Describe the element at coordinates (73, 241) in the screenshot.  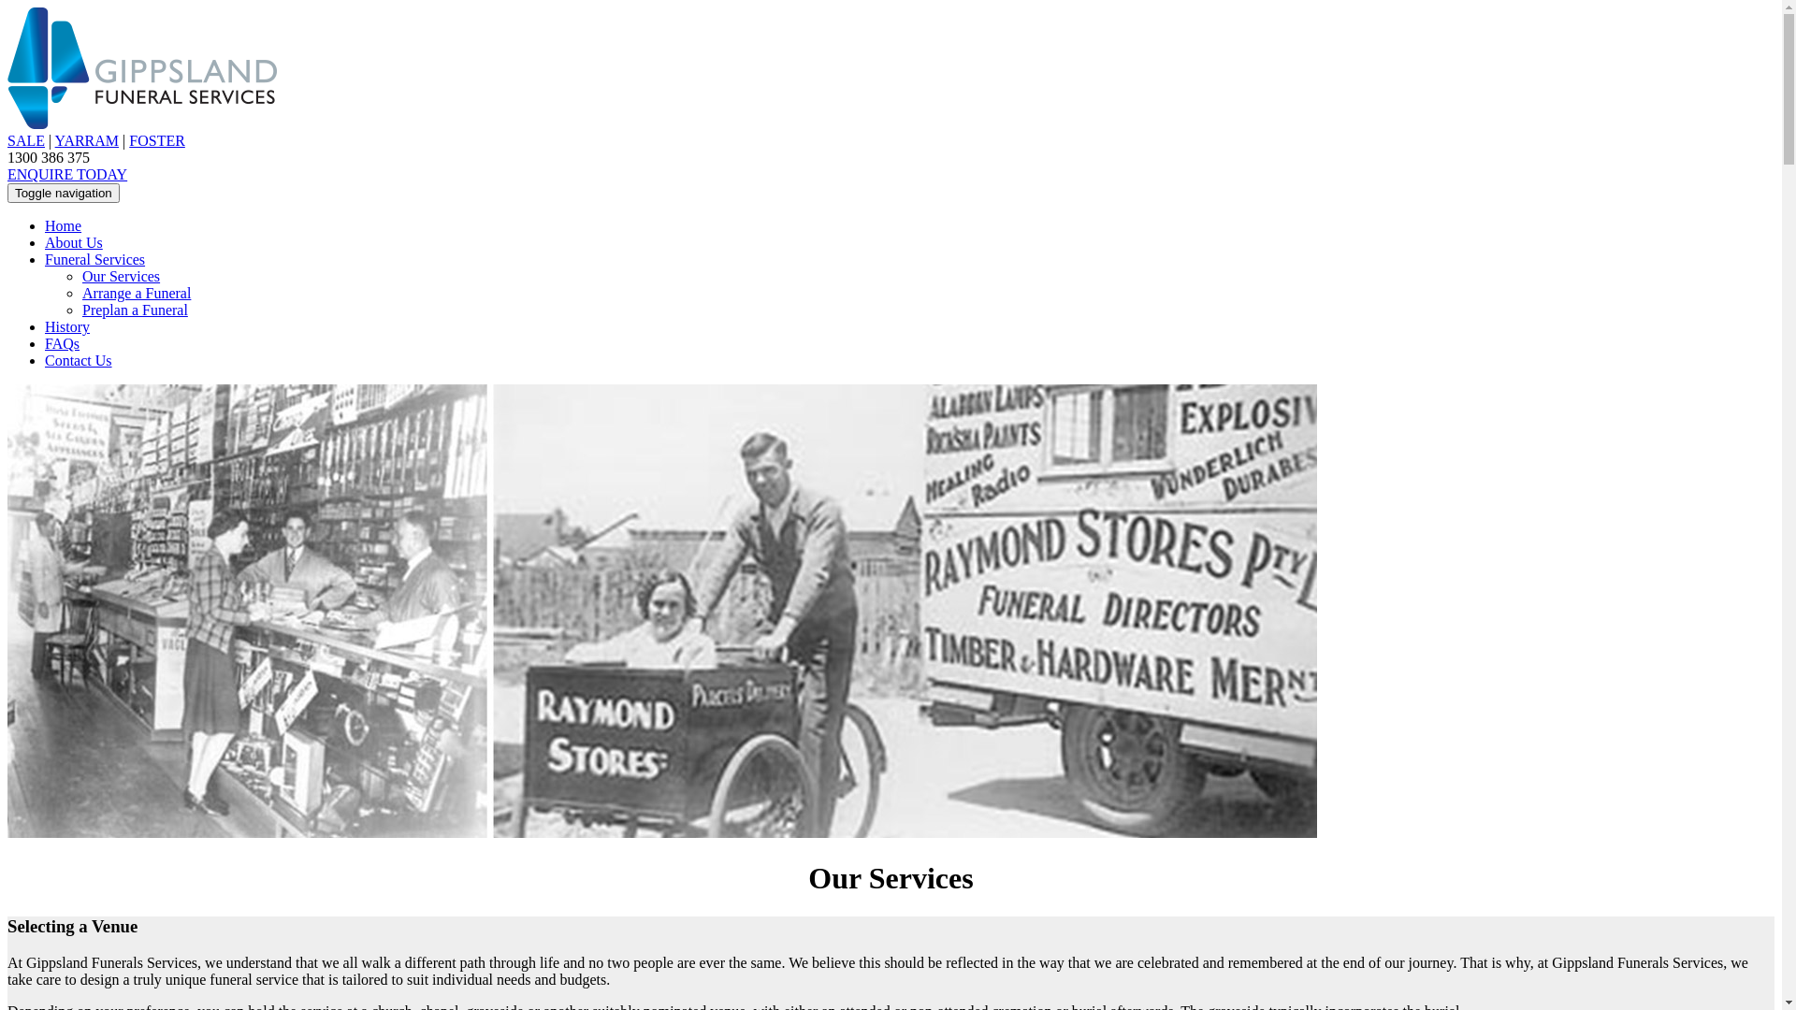
I see `'About Us'` at that location.